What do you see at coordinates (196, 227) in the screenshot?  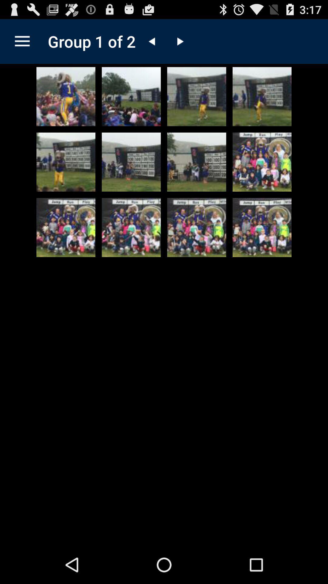 I see `photo` at bounding box center [196, 227].